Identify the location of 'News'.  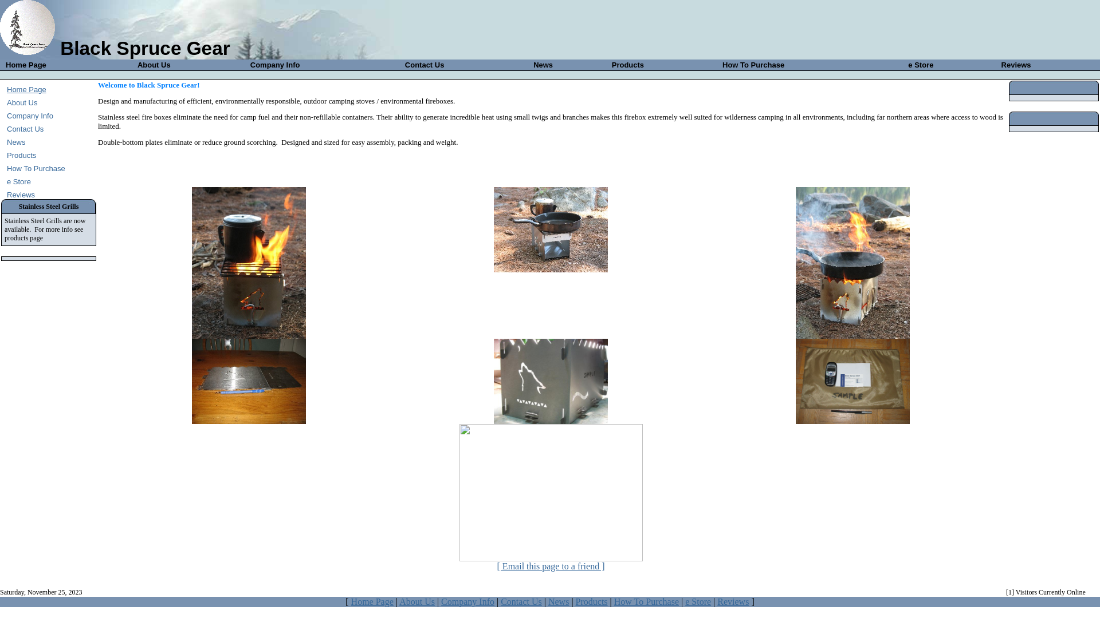
(16, 141).